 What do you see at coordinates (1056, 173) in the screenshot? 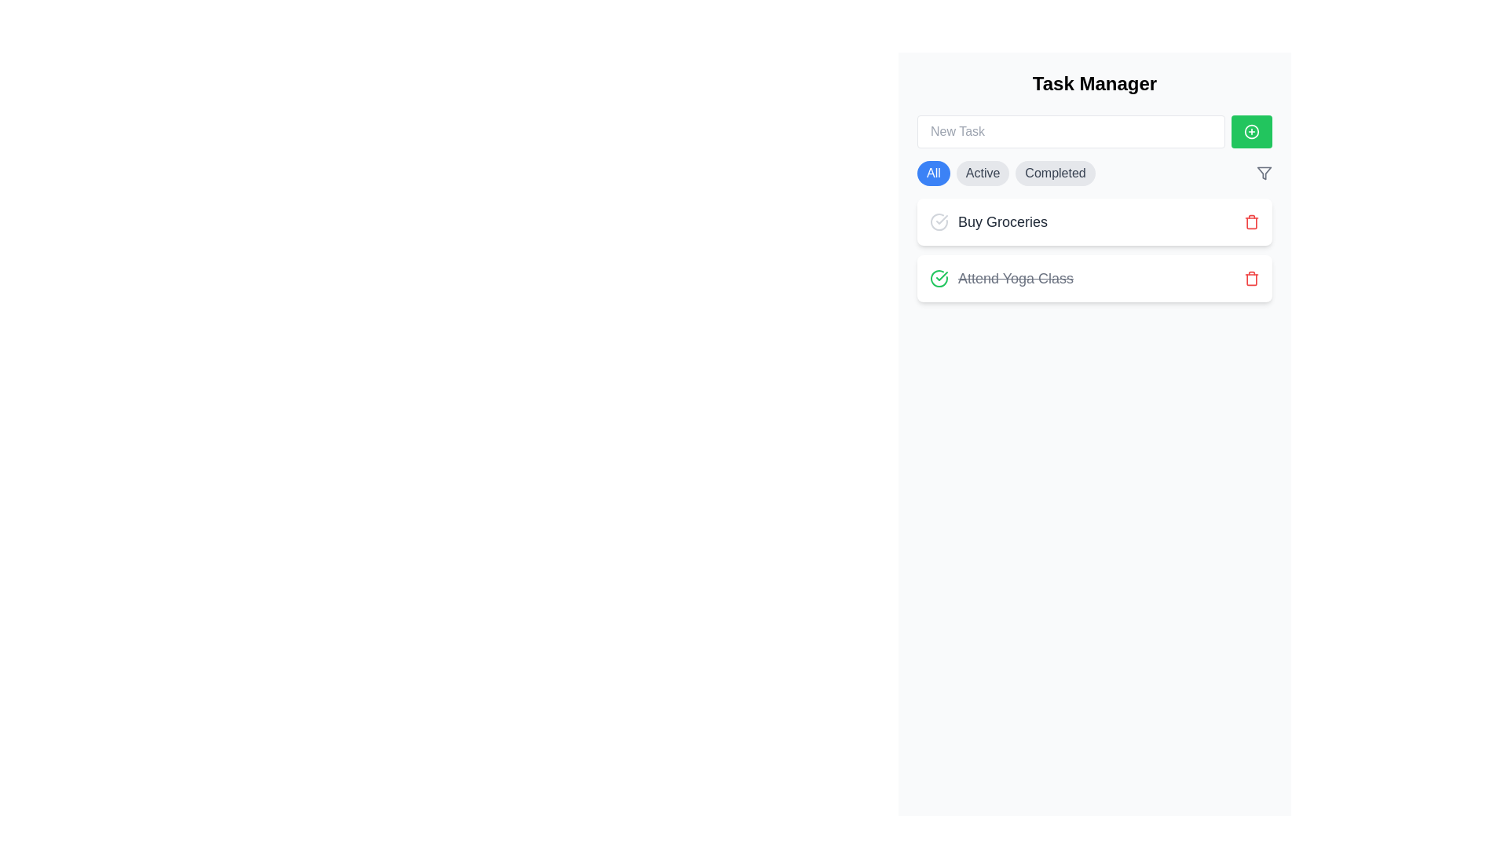
I see `the filter button that shows only completed tasks, located between the 'Active' button and the filter icon in the top row of filter options` at bounding box center [1056, 173].